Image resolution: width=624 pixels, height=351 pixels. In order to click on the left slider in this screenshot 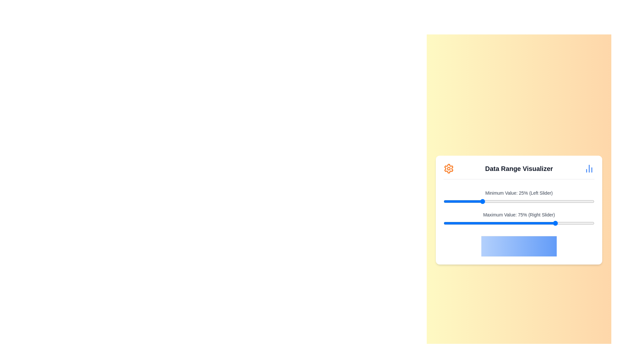, I will do `click(449, 201)`.